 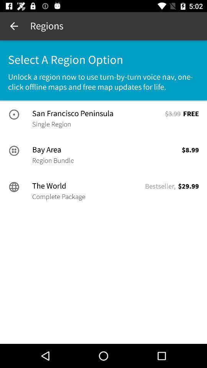 I want to click on item above the region bundle, so click(x=104, y=149).